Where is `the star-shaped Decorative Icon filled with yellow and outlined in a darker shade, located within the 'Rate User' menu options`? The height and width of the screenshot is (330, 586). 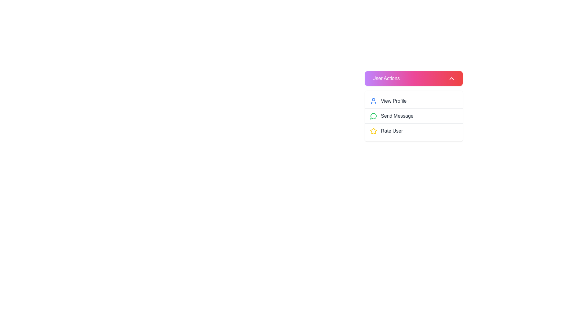 the star-shaped Decorative Icon filled with yellow and outlined in a darker shade, located within the 'Rate User' menu options is located at coordinates (373, 130).